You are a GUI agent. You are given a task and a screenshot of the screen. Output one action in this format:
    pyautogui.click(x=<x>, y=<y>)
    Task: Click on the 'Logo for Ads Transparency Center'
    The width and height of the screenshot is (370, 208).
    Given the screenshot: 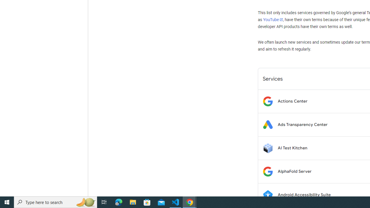 What is the action you would take?
    pyautogui.click(x=267, y=124)
    